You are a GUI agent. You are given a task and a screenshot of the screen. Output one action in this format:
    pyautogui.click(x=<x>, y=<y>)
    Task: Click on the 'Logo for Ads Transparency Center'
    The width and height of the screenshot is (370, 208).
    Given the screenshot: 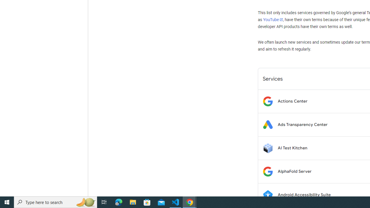 What is the action you would take?
    pyautogui.click(x=267, y=124)
    